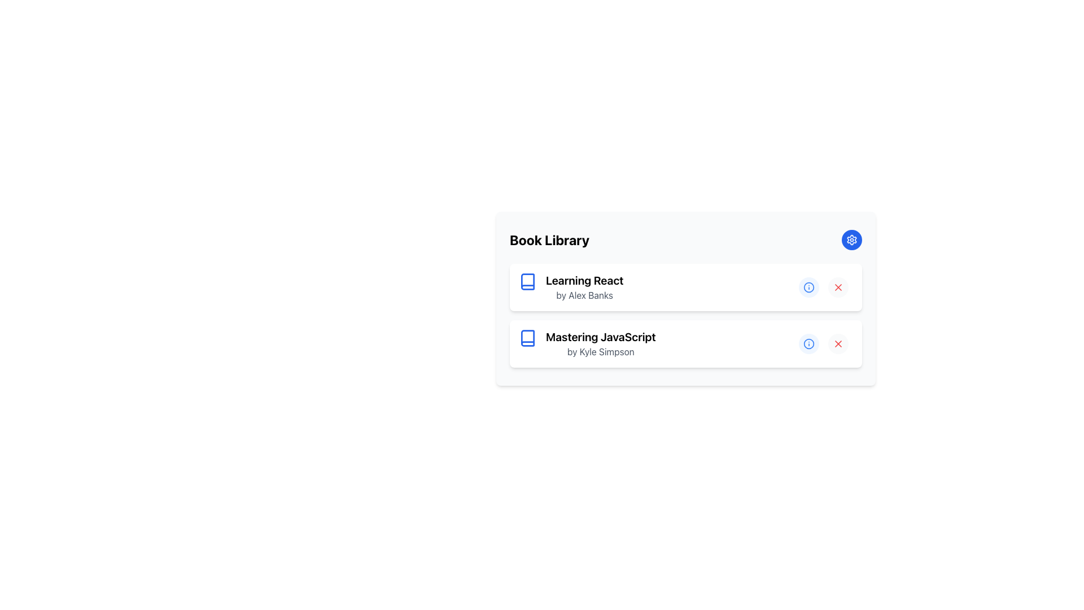  I want to click on the text label displaying the title 'Learning React', so click(584, 280).